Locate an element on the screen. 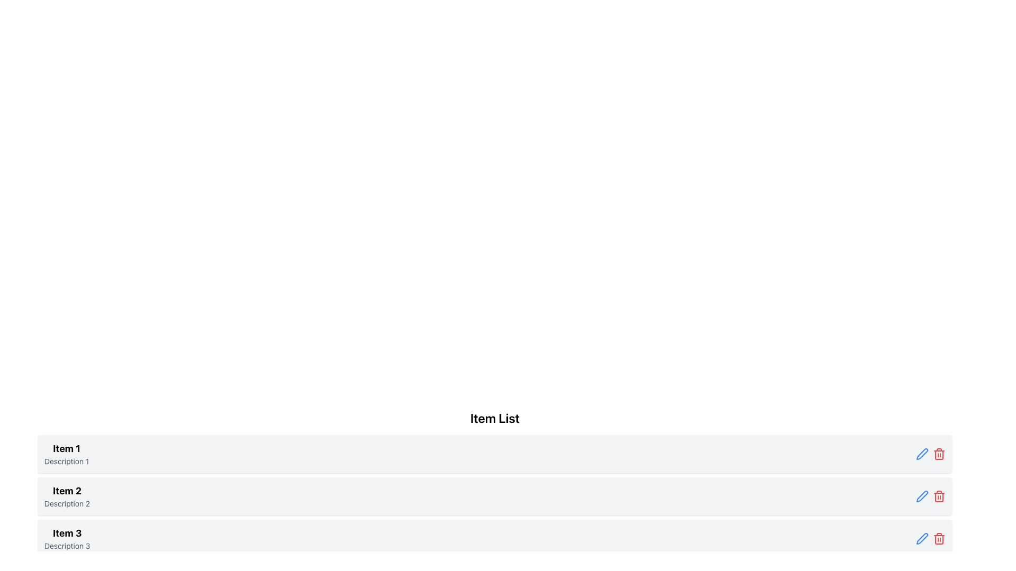 The image size is (1016, 571). the explanatory text label located directly below the bold heading 'Item 1' in the vertical list interface is located at coordinates (66, 461).